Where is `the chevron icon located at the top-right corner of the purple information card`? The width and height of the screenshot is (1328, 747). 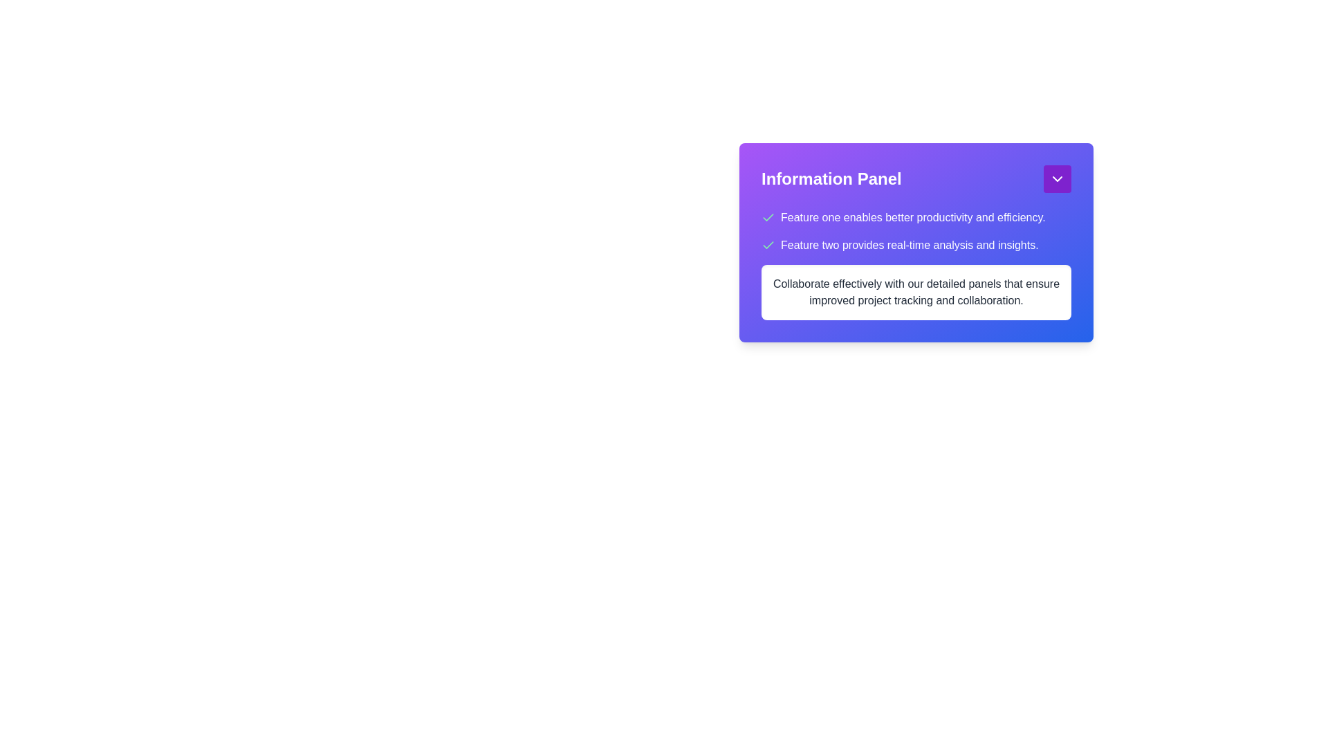 the chevron icon located at the top-right corner of the purple information card is located at coordinates (1057, 178).